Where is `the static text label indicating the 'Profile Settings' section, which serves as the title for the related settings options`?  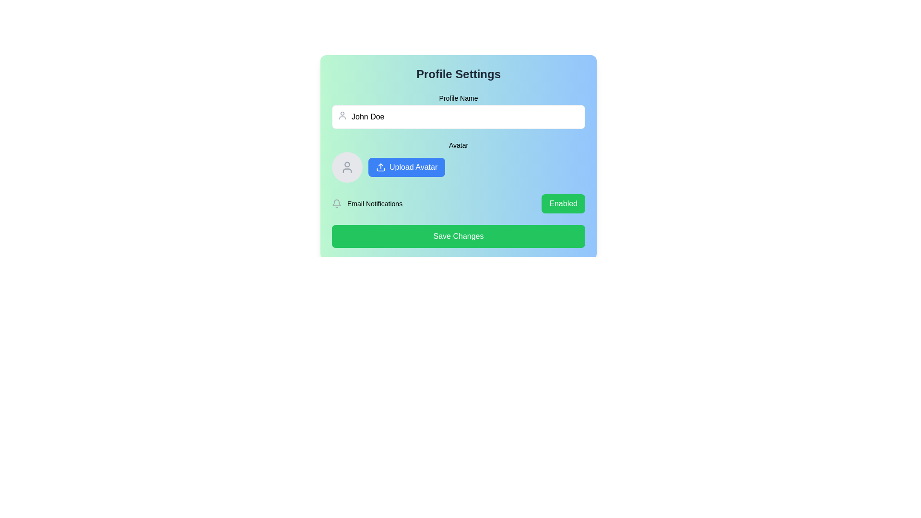 the static text label indicating the 'Profile Settings' section, which serves as the title for the related settings options is located at coordinates (458, 73).